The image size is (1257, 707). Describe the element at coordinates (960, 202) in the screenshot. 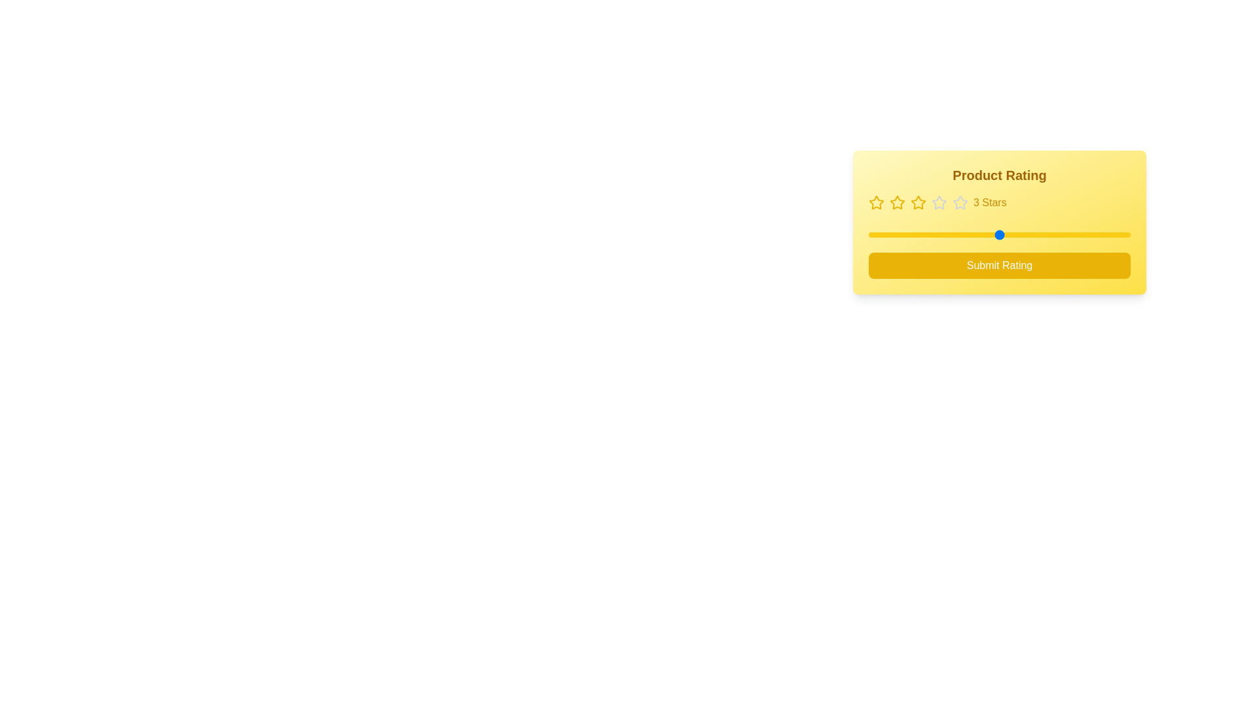

I see `the sixth star-shaped icon with a hollow core in the '3 Stars' section of the yellow card layout` at that location.